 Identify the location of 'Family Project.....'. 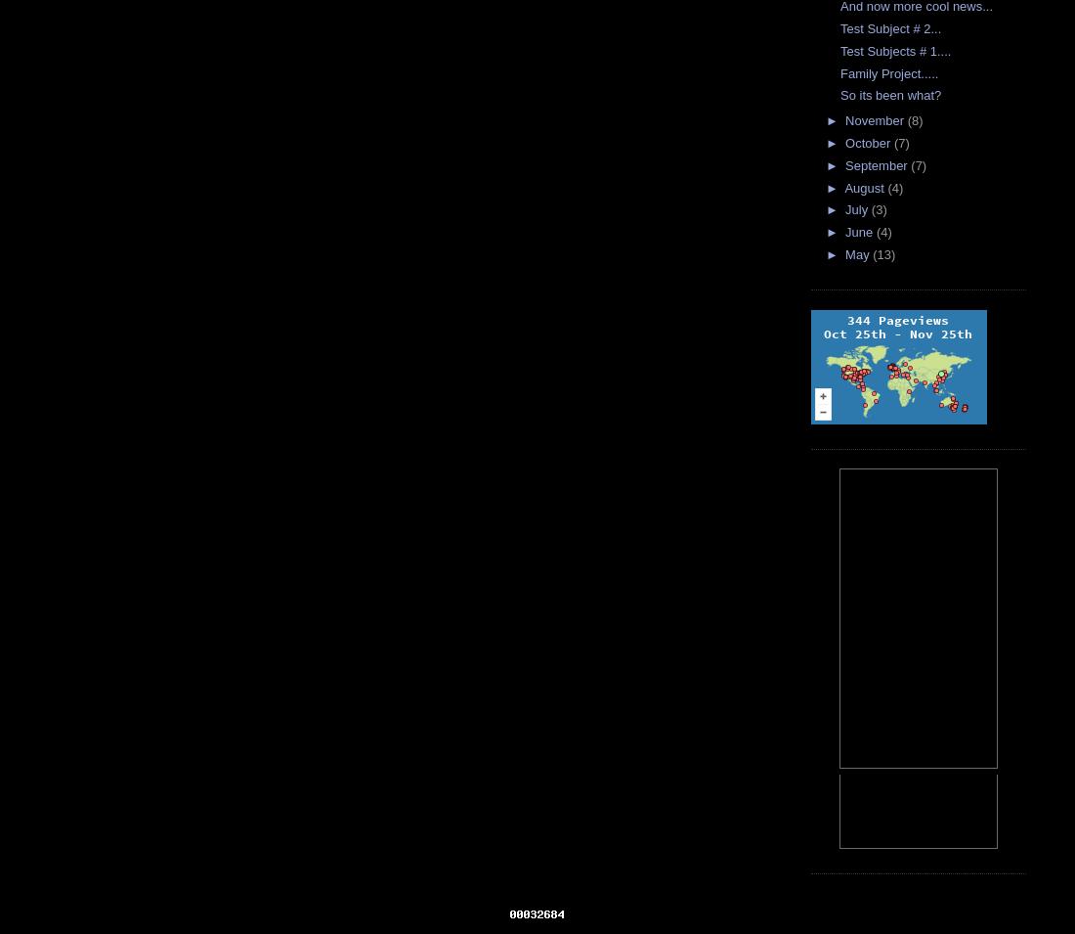
(889, 71).